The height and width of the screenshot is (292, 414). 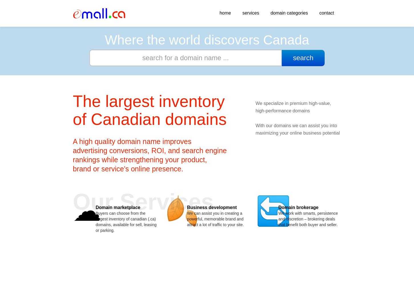 I want to click on 'Business development', so click(x=186, y=207).